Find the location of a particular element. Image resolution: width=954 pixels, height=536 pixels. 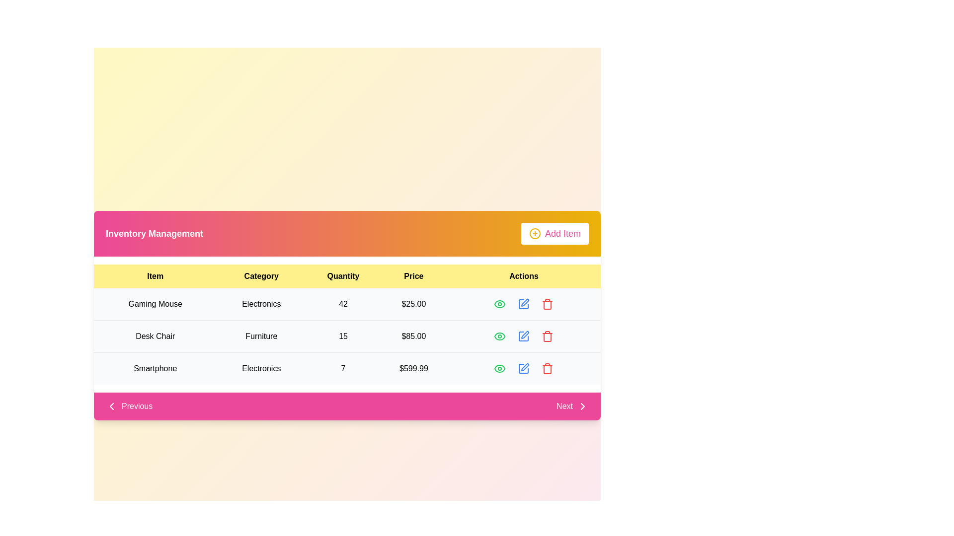

the green eye icon in the 'Actions' column for the 'Smartphone' item is located at coordinates (500, 369).